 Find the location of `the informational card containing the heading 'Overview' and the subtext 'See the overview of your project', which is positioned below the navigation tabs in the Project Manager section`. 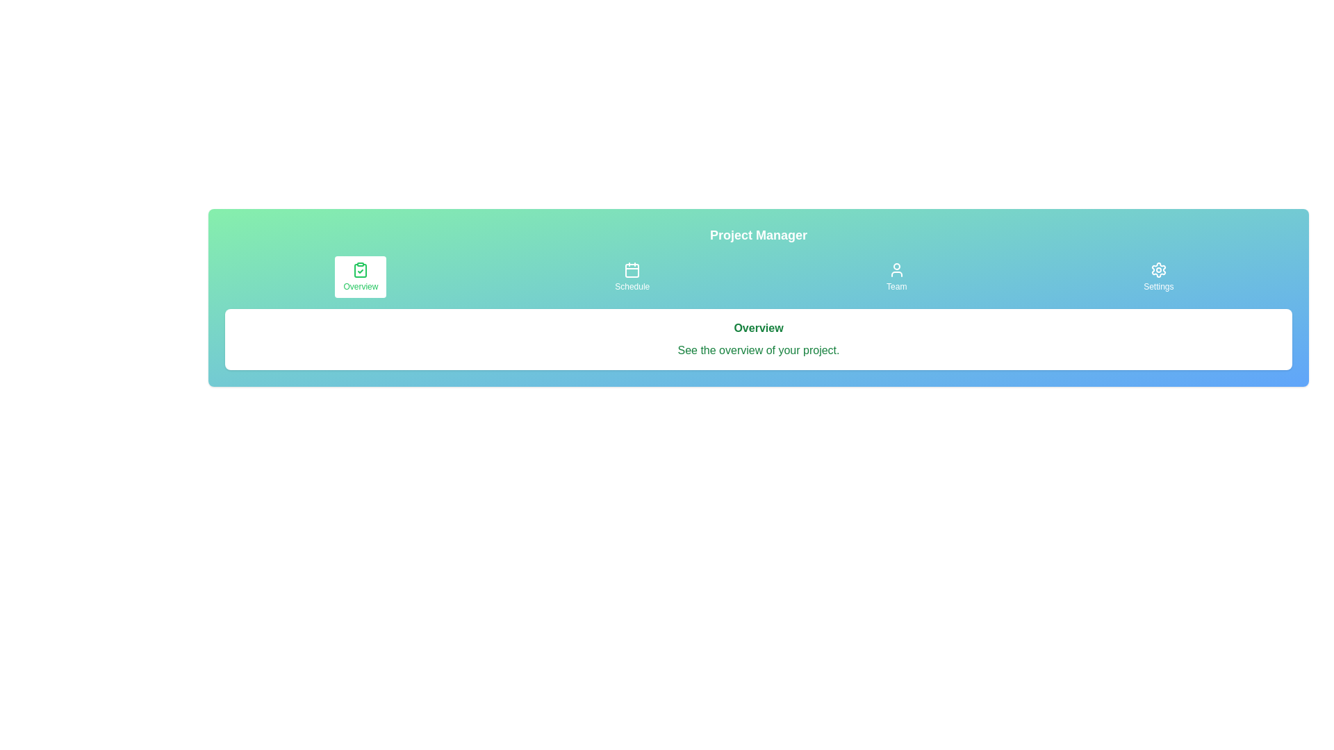

the informational card containing the heading 'Overview' and the subtext 'See the overview of your project', which is positioned below the navigation tabs in the Project Manager section is located at coordinates (757, 340).